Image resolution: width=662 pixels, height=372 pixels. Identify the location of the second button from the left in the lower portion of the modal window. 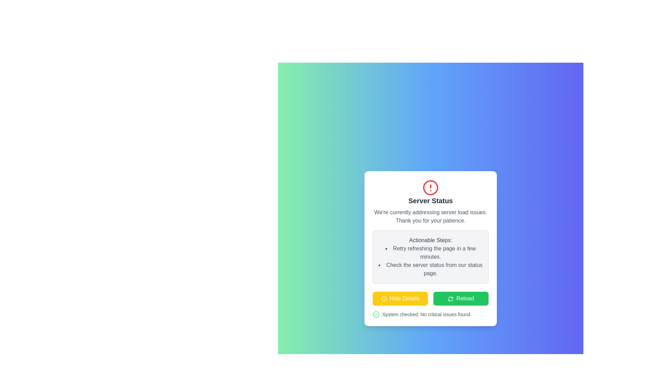
(461, 298).